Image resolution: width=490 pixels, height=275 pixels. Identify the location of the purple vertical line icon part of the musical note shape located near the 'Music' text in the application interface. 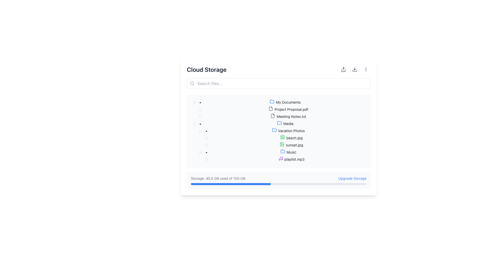
(281, 158).